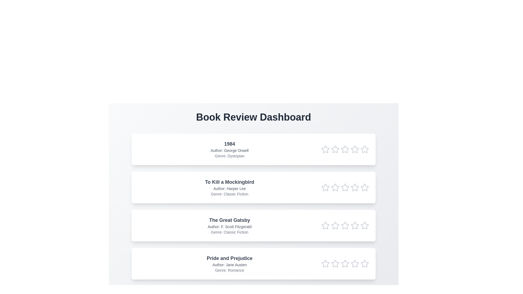  I want to click on the rating of the book '1984' to 2 stars by clicking on the respective star, so click(335, 149).